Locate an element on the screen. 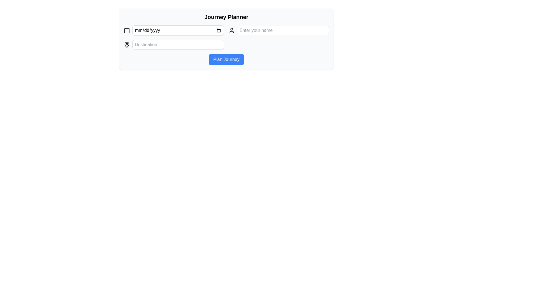  the small, black-stroked calendar icon located at the far left of the row containing input fields, which is the first item in the sequence before the date input field is located at coordinates (126, 30).